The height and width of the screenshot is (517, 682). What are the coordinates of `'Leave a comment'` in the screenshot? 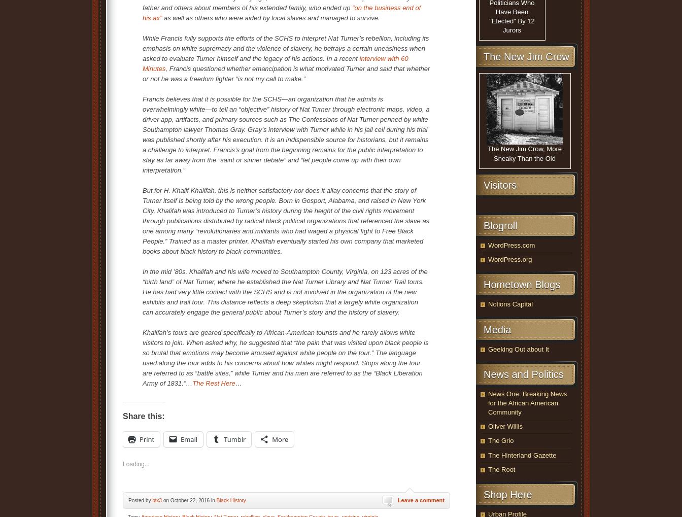 It's located at (421, 500).